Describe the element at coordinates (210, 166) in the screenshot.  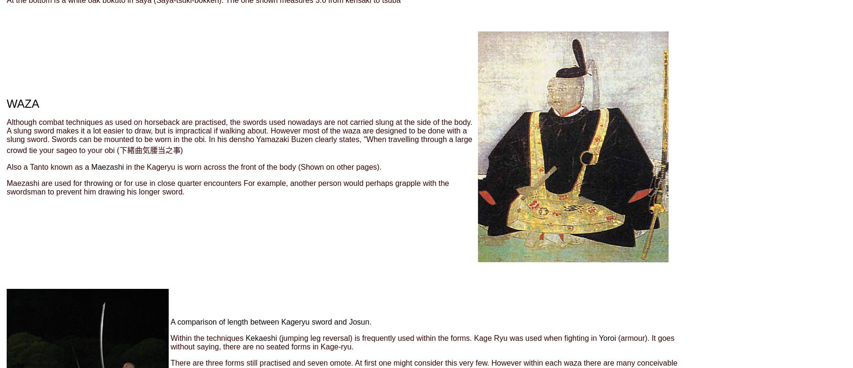
I see `'in the Kageryu is worn across the front of the body'` at that location.